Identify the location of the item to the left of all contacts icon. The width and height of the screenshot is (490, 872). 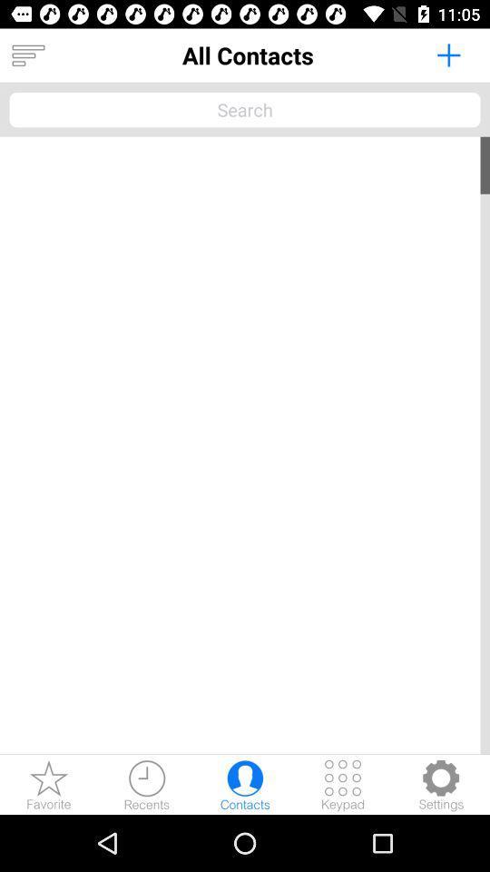
(27, 55).